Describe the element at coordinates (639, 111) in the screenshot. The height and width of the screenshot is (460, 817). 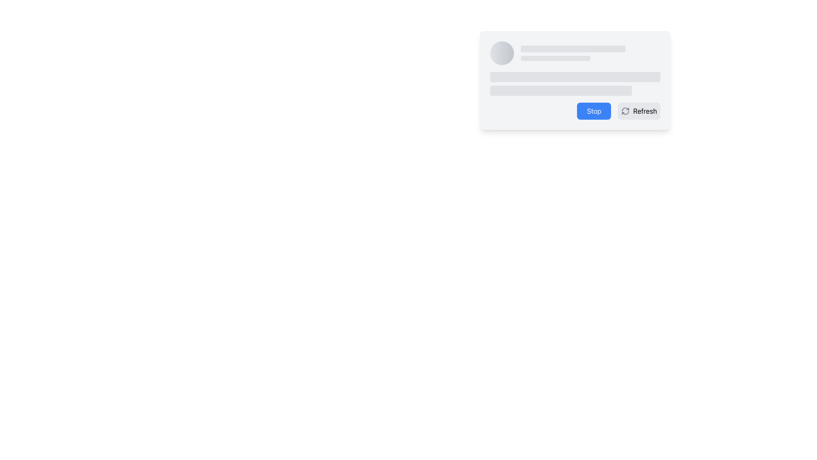
I see `the 'Refresh' button, which is a rectangular button with a light gray background and a circular refresh icon, located immediately to the right of the 'Stop' button` at that location.